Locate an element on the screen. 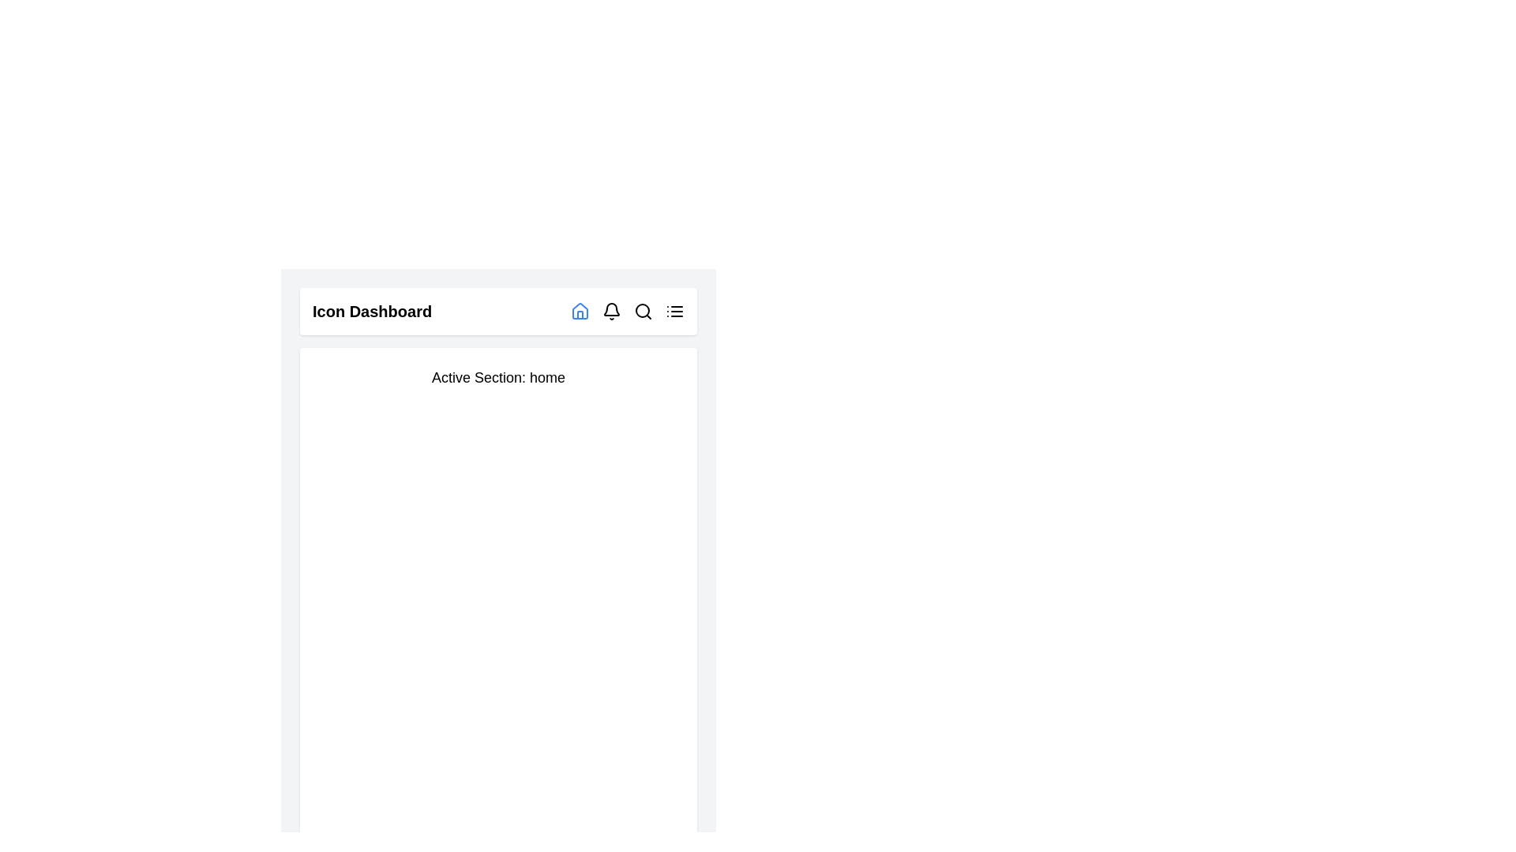 The image size is (1516, 852). the icon group located on the right side of the header section, adjacent to 'Icon Dashboard' is located at coordinates (627, 311).